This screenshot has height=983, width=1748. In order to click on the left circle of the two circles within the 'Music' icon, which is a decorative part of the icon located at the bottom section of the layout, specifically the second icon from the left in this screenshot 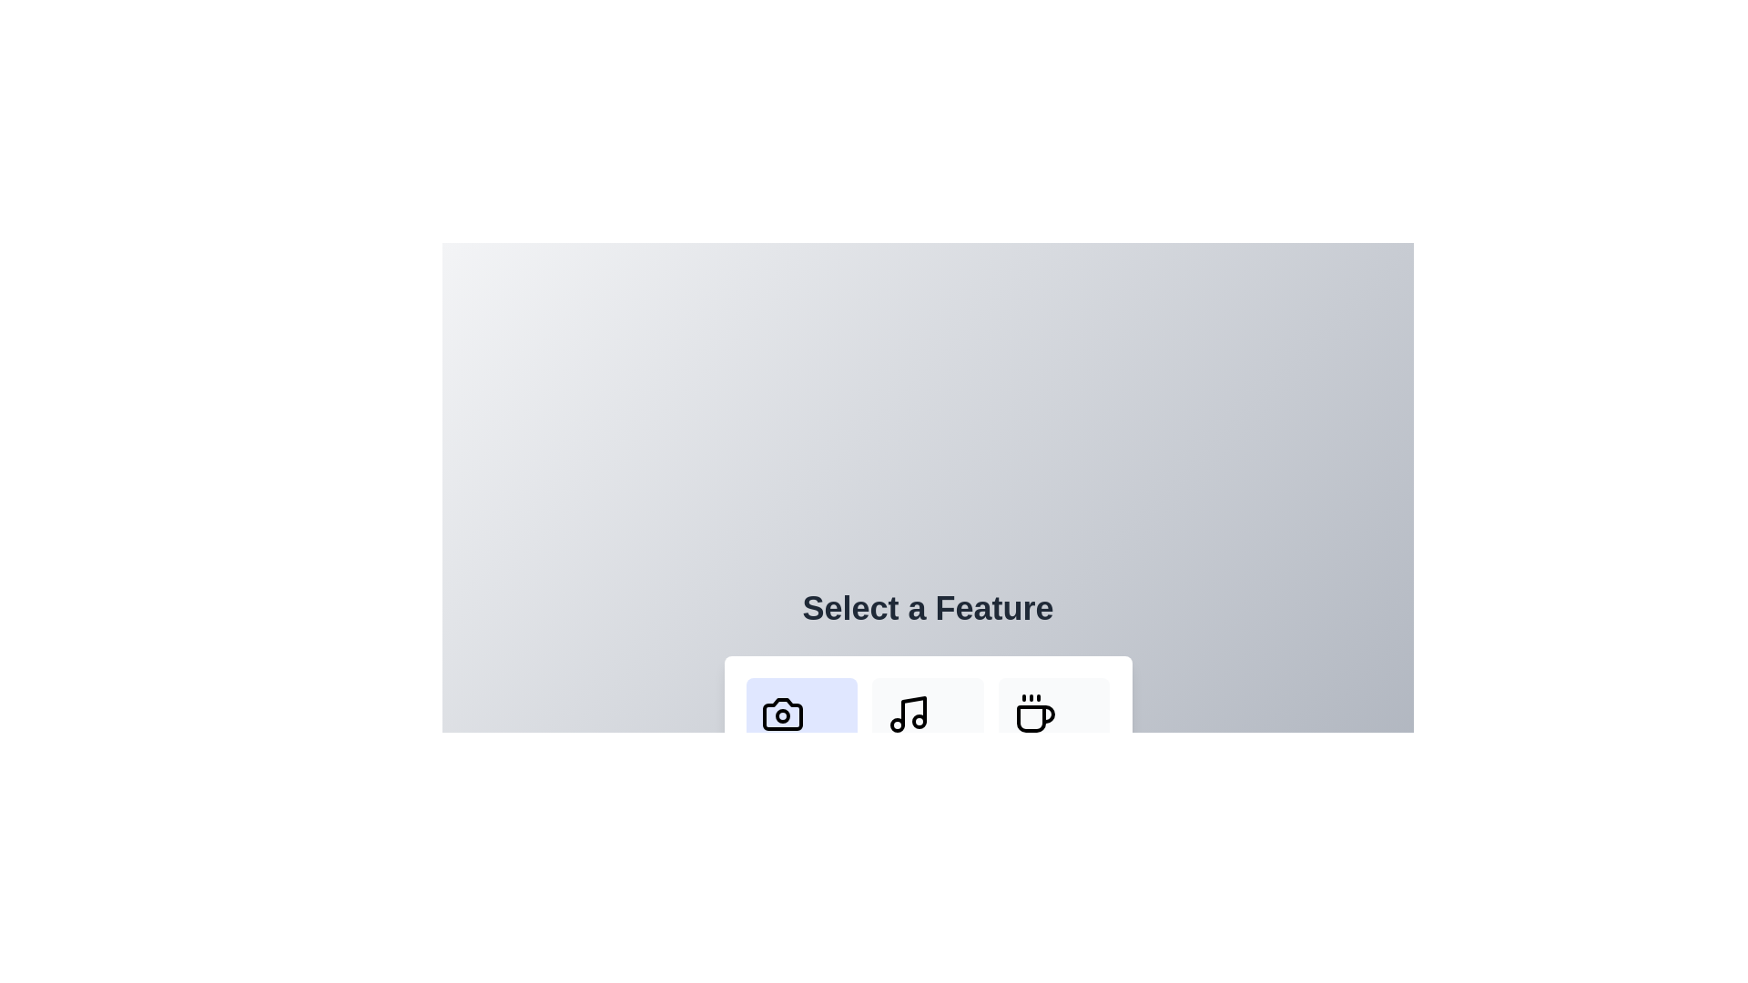, I will do `click(898, 725)`.